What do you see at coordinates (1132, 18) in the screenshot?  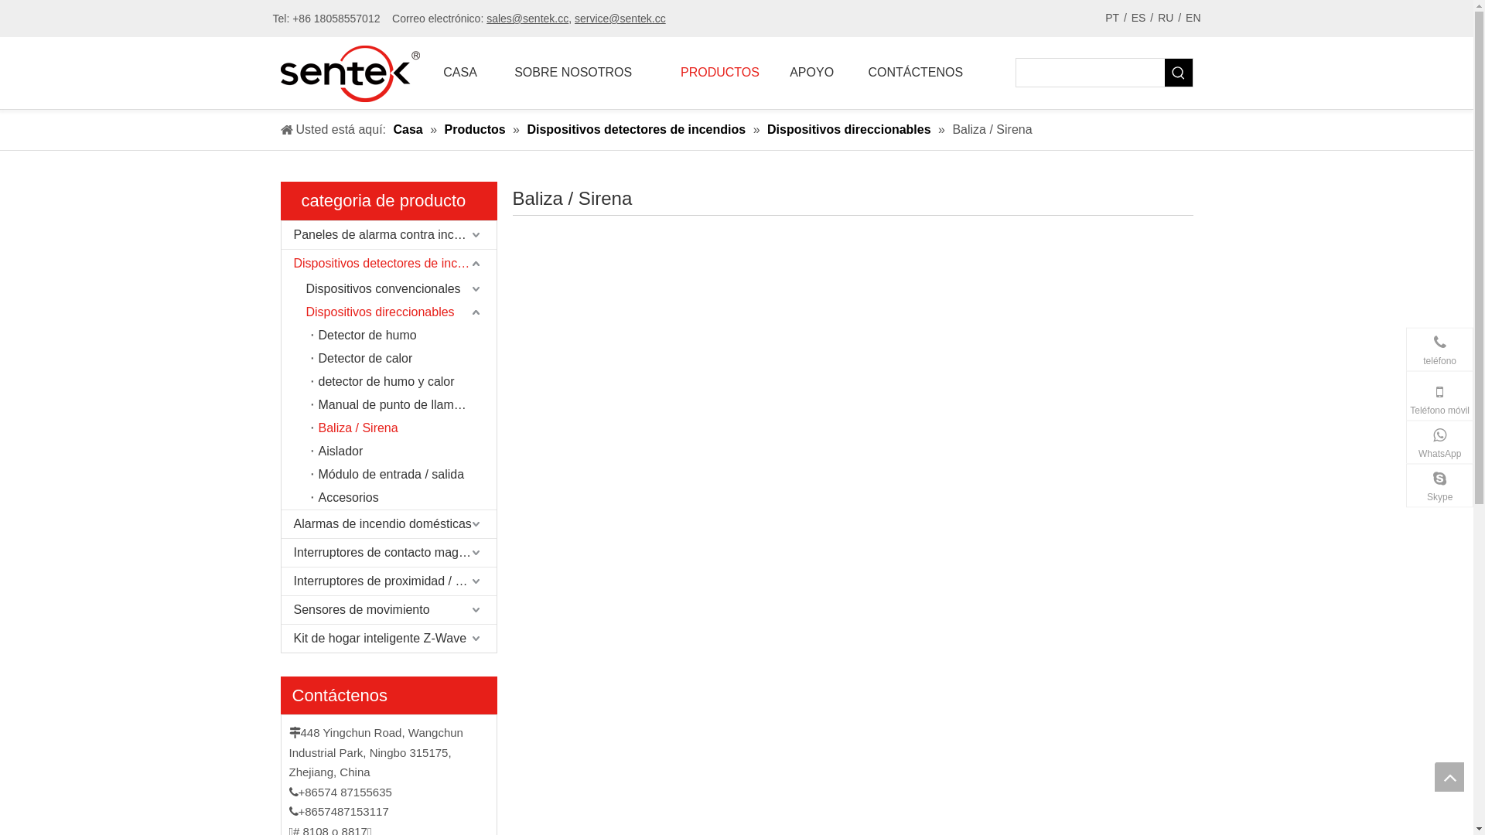 I see `'ES'` at bounding box center [1132, 18].